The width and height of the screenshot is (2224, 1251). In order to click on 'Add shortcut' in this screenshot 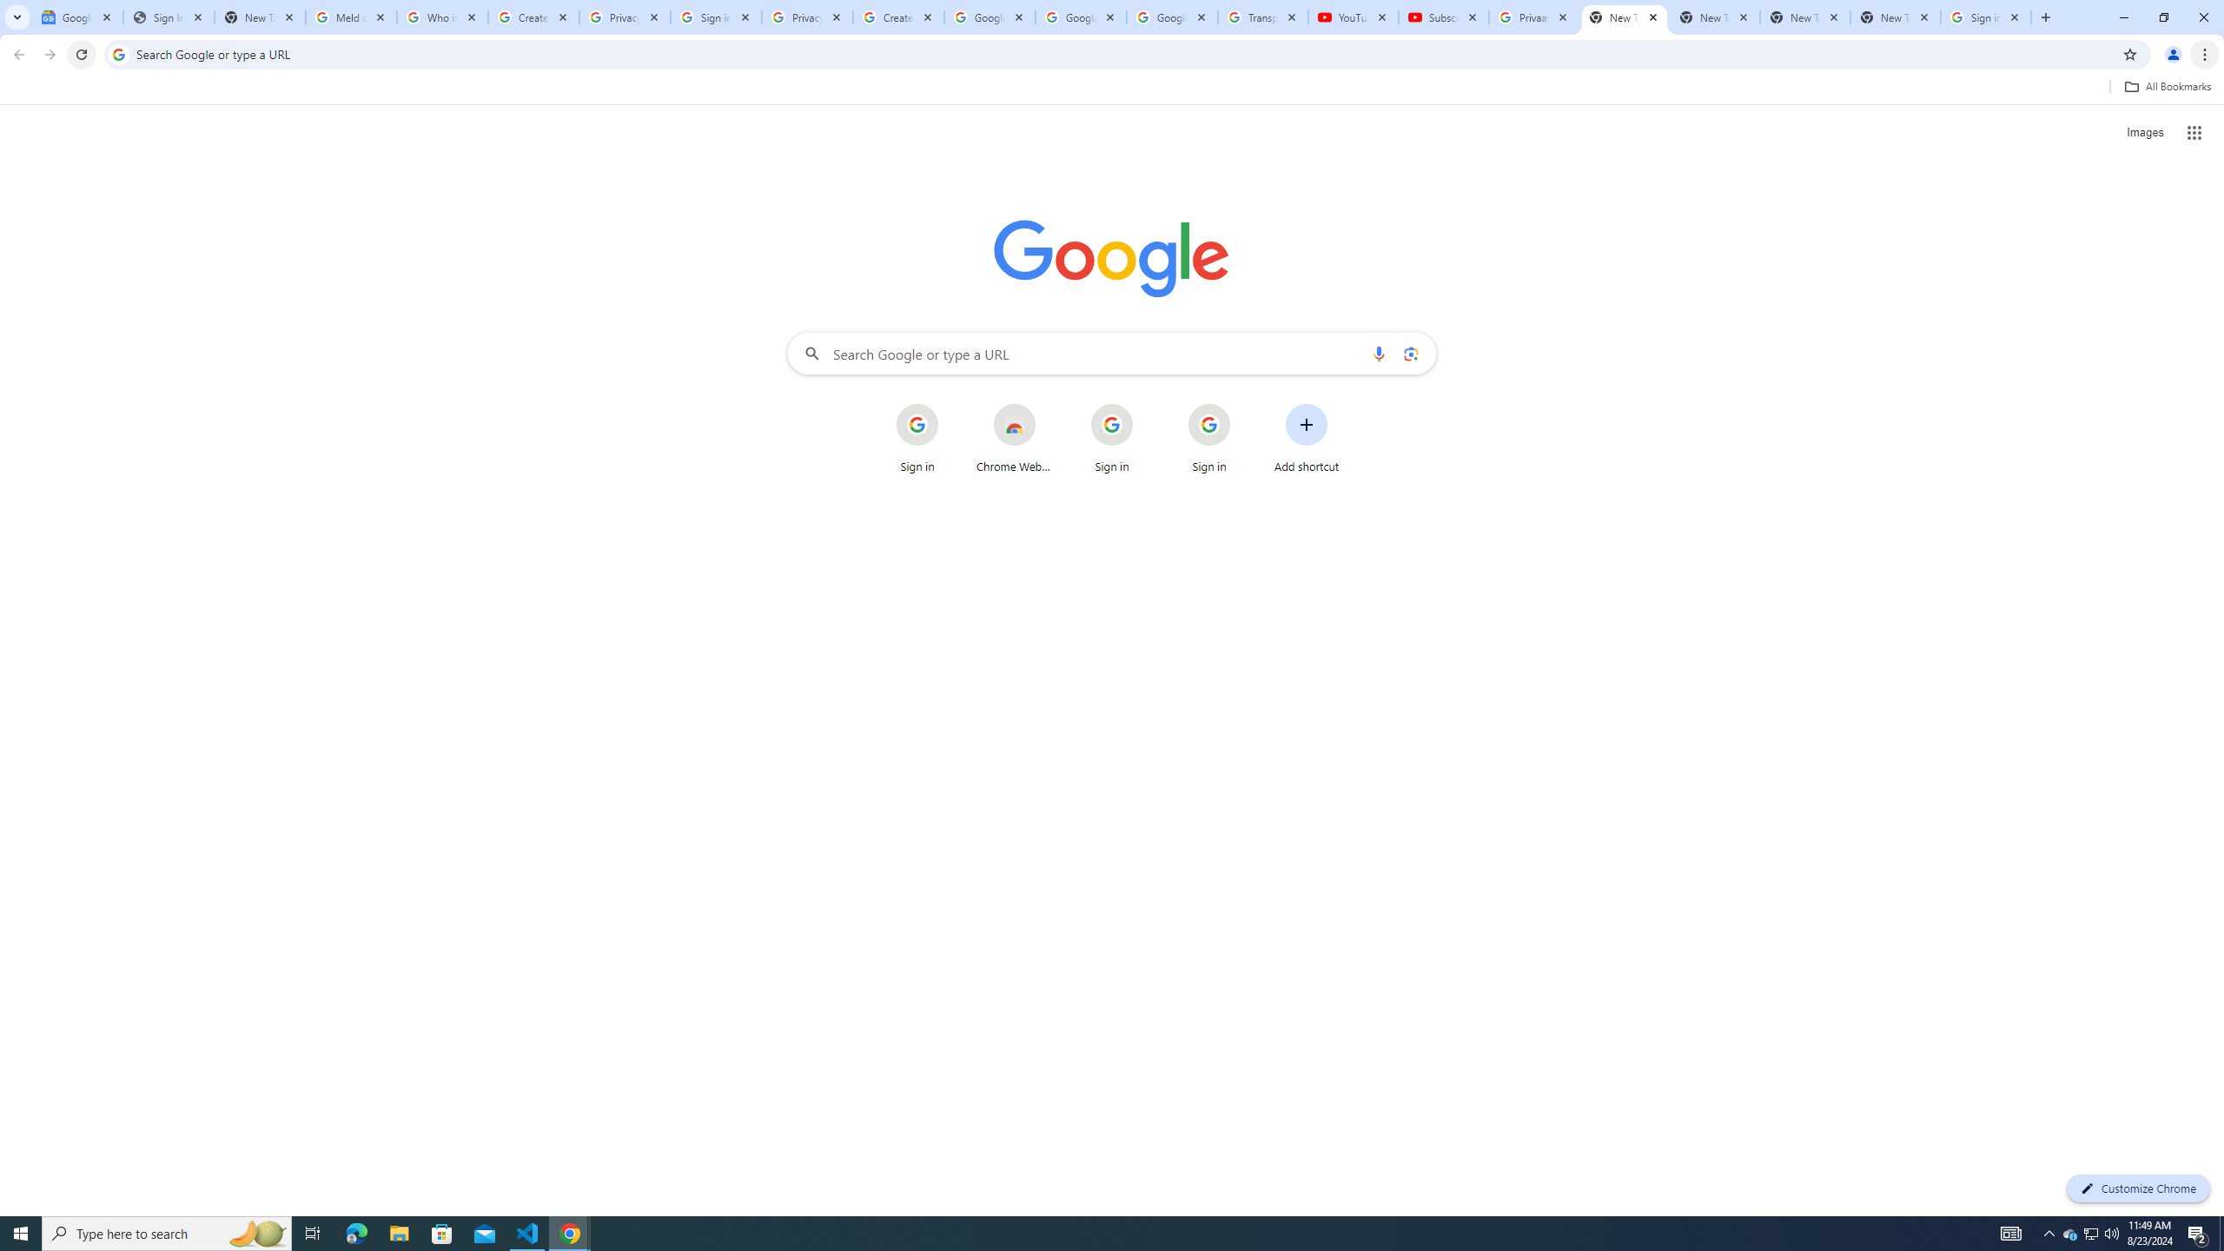, I will do `click(1307, 439)`.